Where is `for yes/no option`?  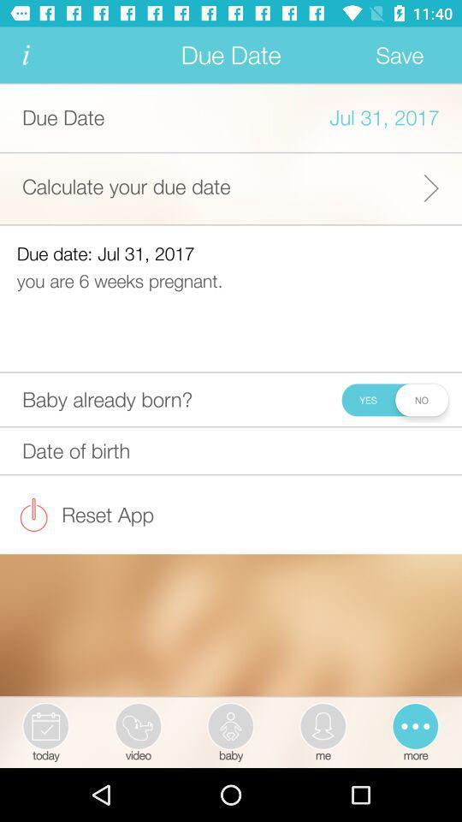 for yes/no option is located at coordinates (394, 399).